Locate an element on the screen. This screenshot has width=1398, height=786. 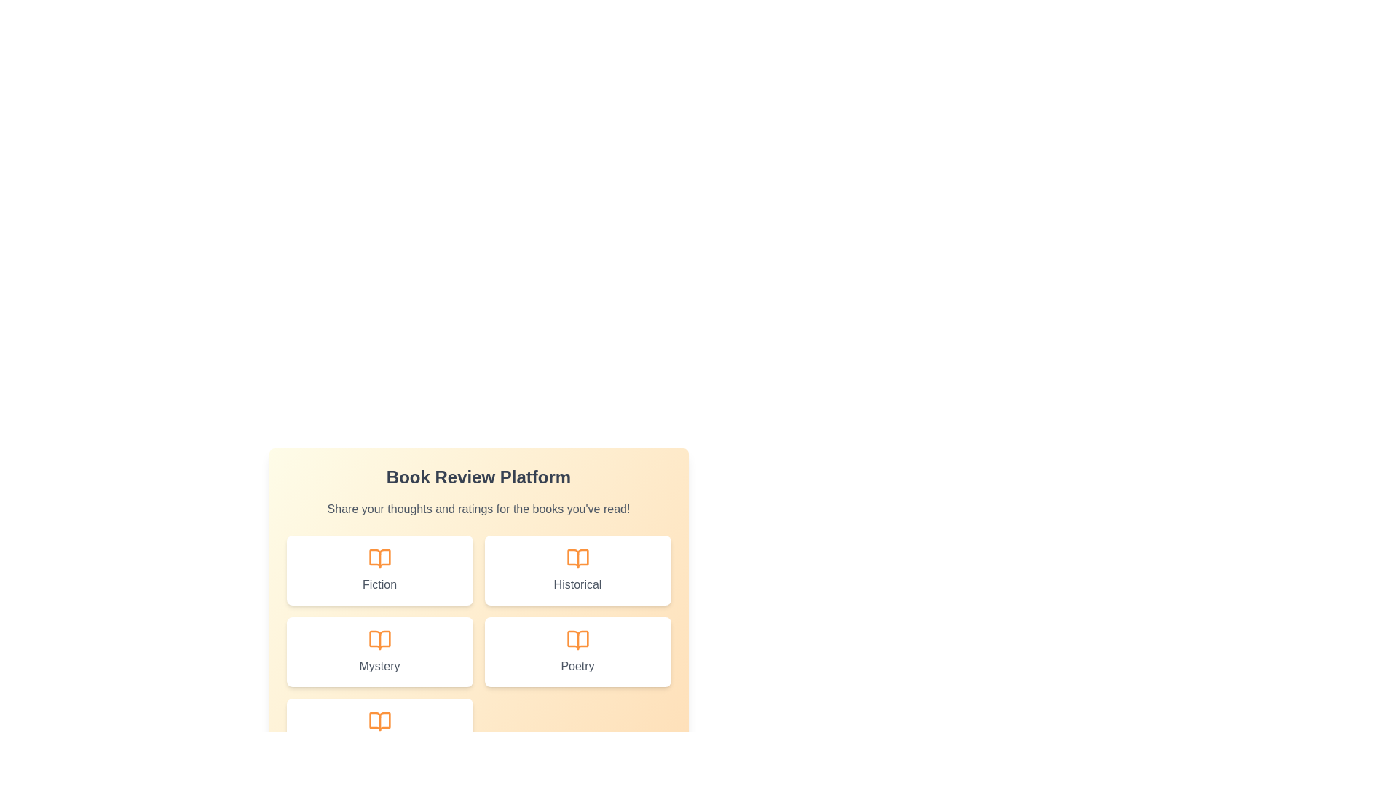
the orange book-shaped icon labeled 'Poetry' is located at coordinates (577, 639).